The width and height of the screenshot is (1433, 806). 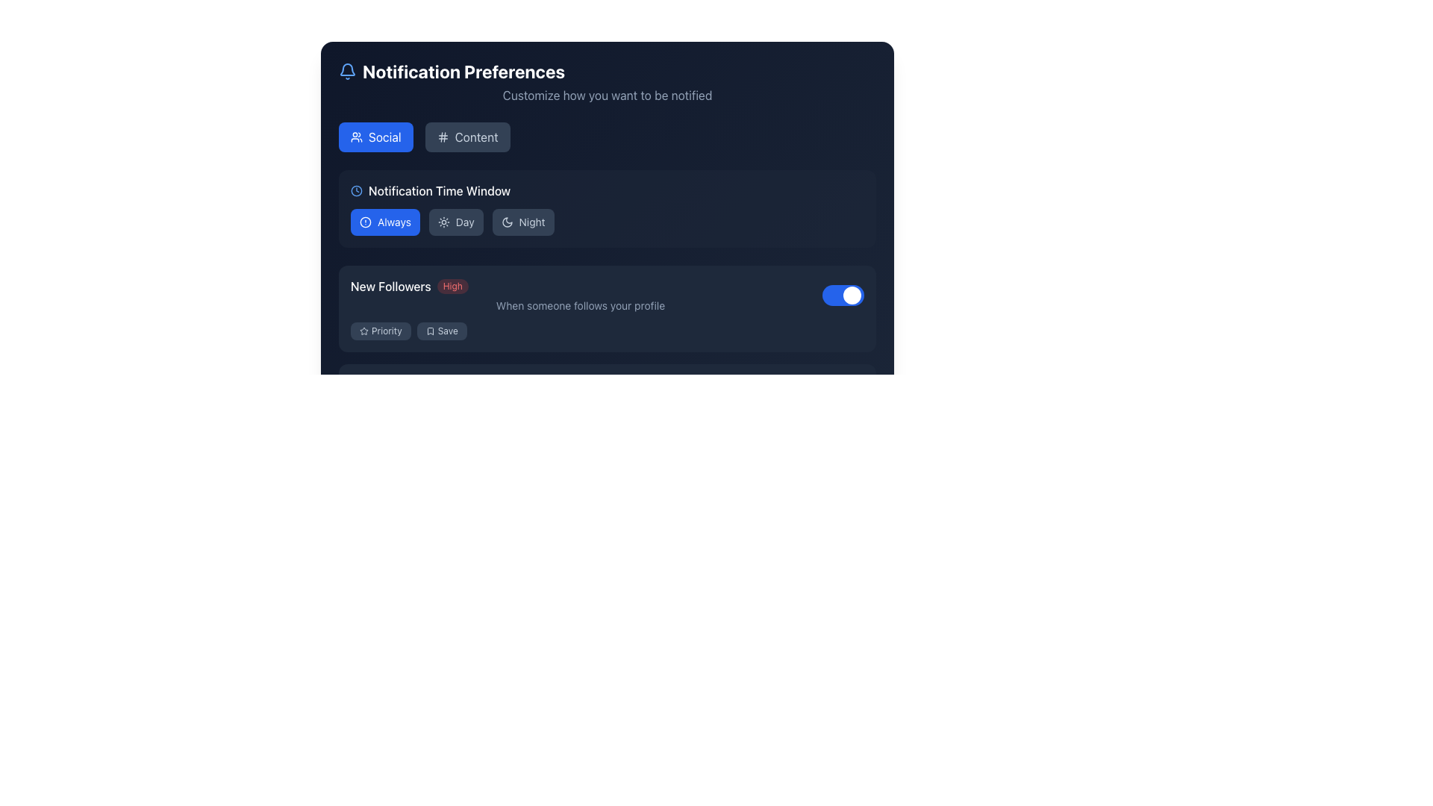 What do you see at coordinates (579, 304) in the screenshot?
I see `the static text label that reads 'When someone follows your profile', which is located under the 'New Followers' header and adjacent to the 'High' badge` at bounding box center [579, 304].